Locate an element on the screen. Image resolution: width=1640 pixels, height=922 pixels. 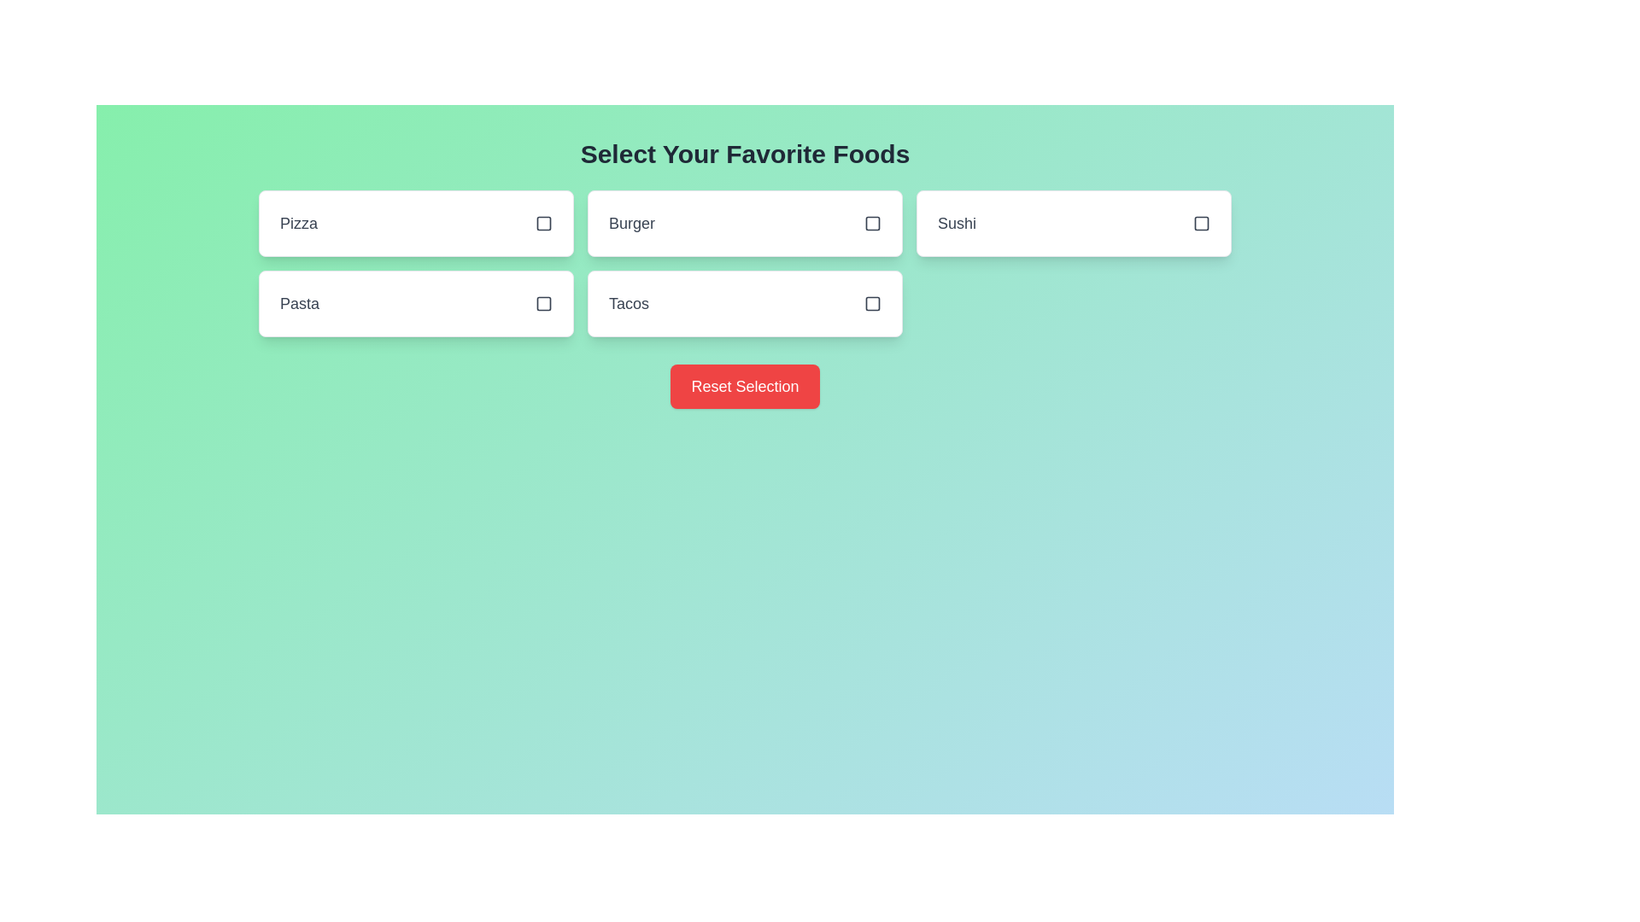
the 'Reset Selection' button to clear all selections is located at coordinates (745, 386).